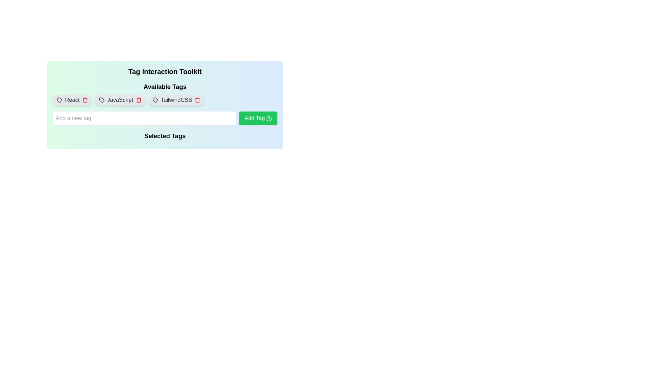  Describe the element at coordinates (165, 86) in the screenshot. I see `the 'Available Tags' text label, which is a large, bold header above the row of interactive tags in the Tag Interaction Toolkit section` at that location.